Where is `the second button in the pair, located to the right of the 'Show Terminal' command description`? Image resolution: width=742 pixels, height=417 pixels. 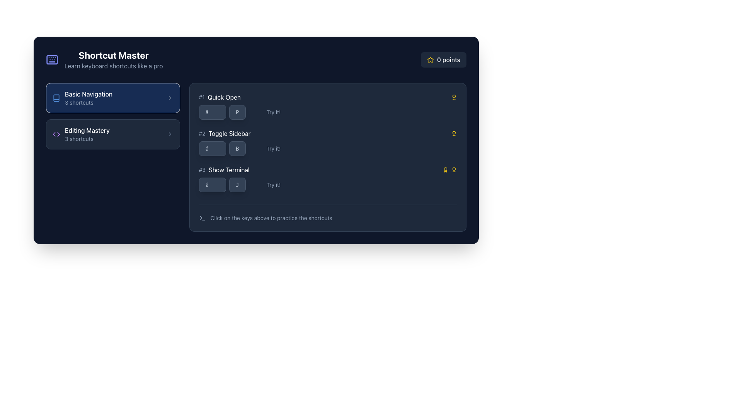 the second button in the pair, located to the right of the 'Show Terminal' command description is located at coordinates (237, 185).